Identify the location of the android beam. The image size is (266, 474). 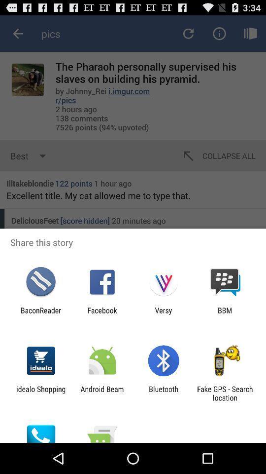
(101, 393).